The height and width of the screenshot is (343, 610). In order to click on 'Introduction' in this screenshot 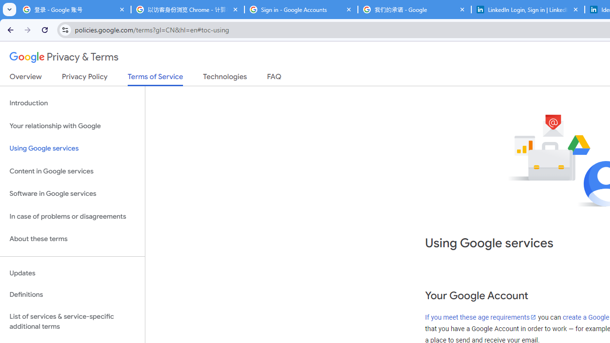, I will do `click(72, 103)`.